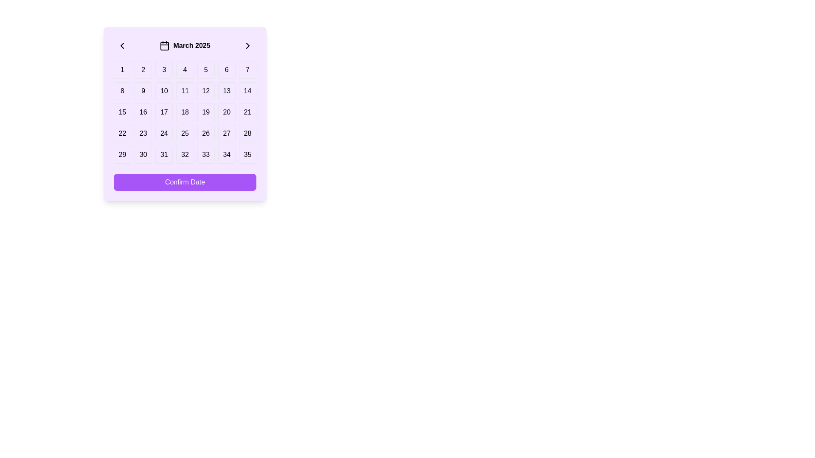 The image size is (815, 458). I want to click on the grid cell containing the number '3' in the first row, third column of the calendar layout, so click(164, 70).